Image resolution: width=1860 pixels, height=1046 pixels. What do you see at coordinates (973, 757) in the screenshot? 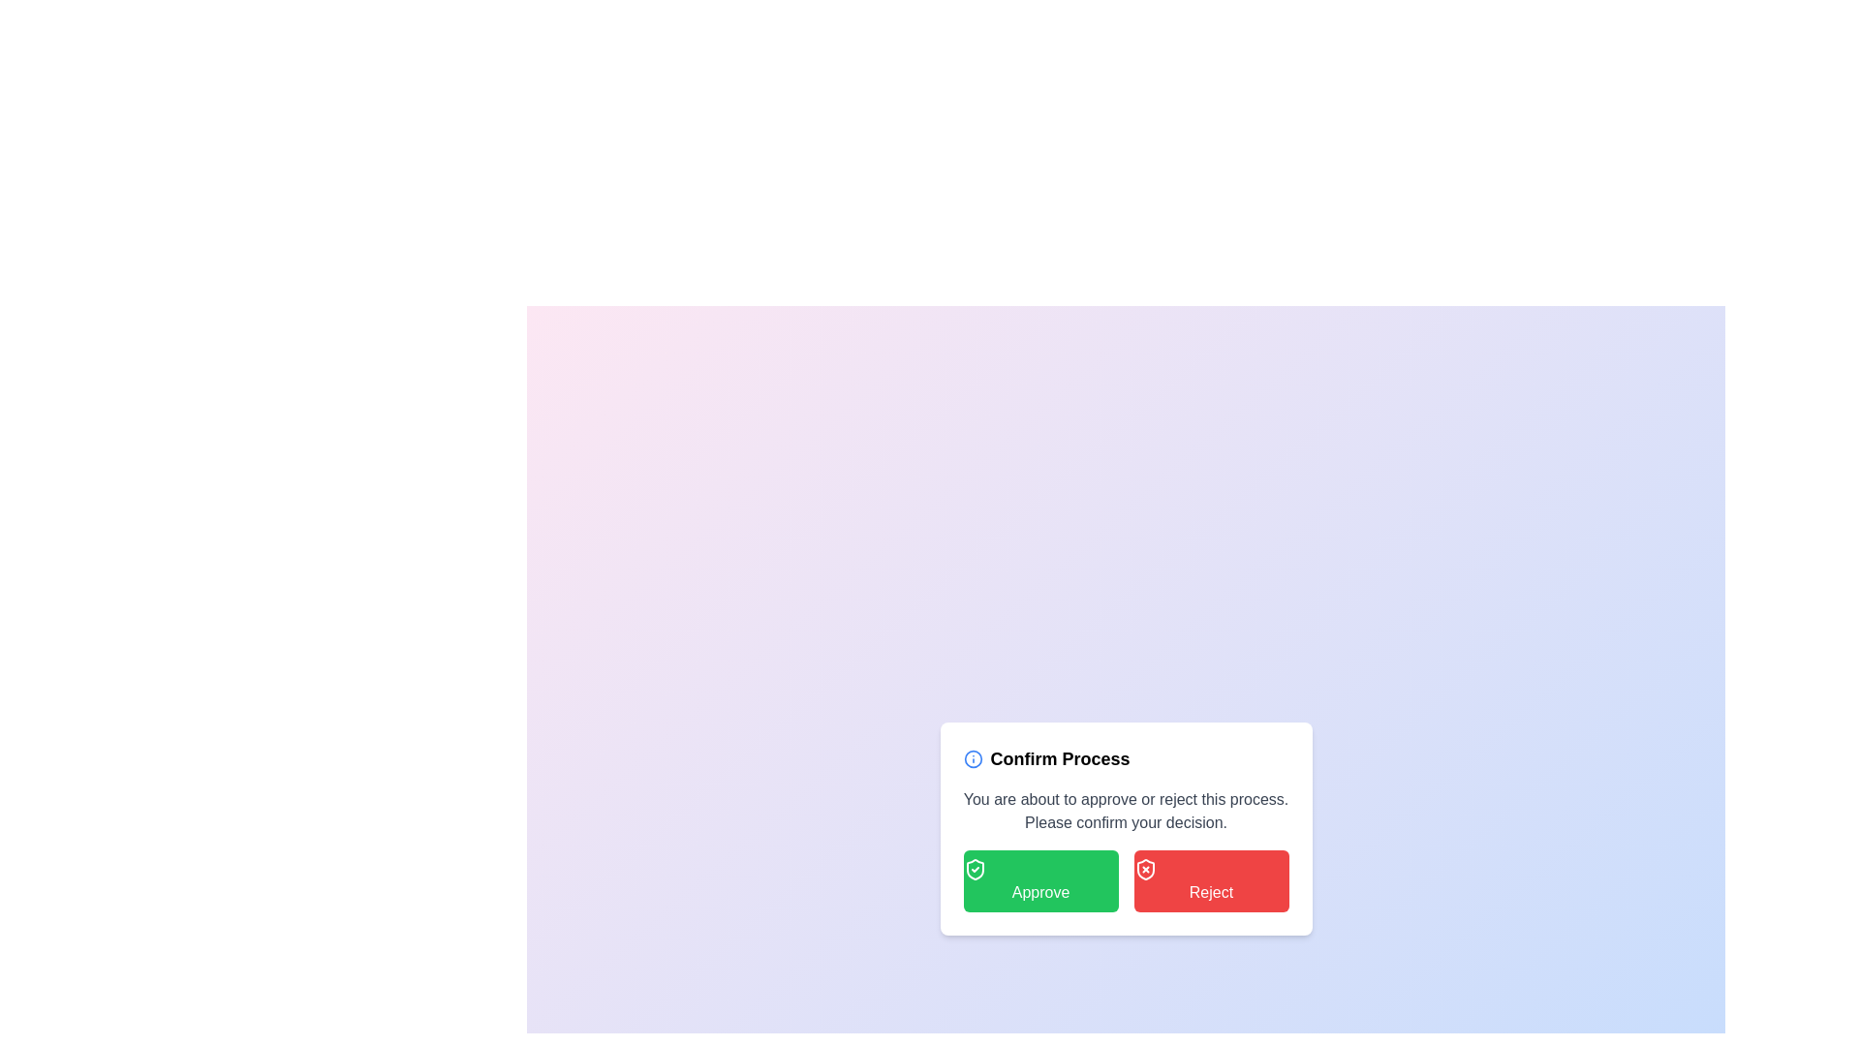
I see `the information icon located to the left of the 'Confirm Process' label within the dialog box` at bounding box center [973, 757].